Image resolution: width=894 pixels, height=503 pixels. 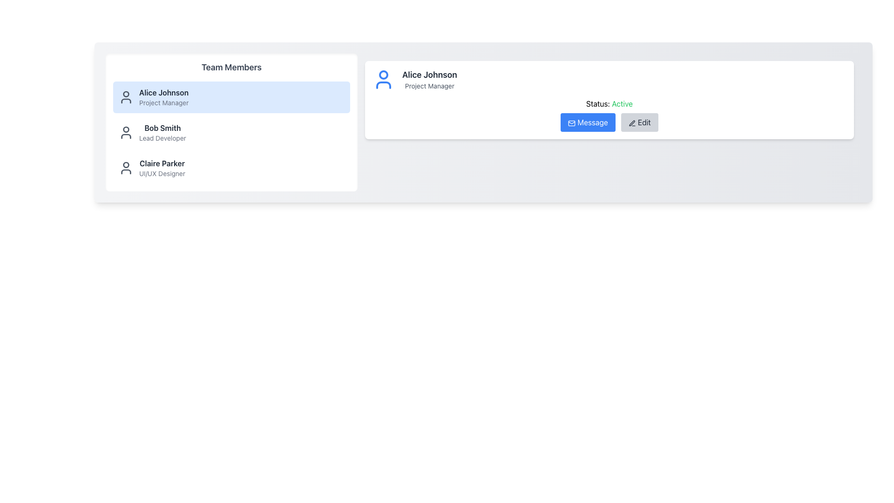 What do you see at coordinates (163, 138) in the screenshot?
I see `the Text label that describes the role or position of the individual named 'Bob Smith', which is located immediately below the bold and dark-colored name within the profile entry under the 'Team Members' heading` at bounding box center [163, 138].